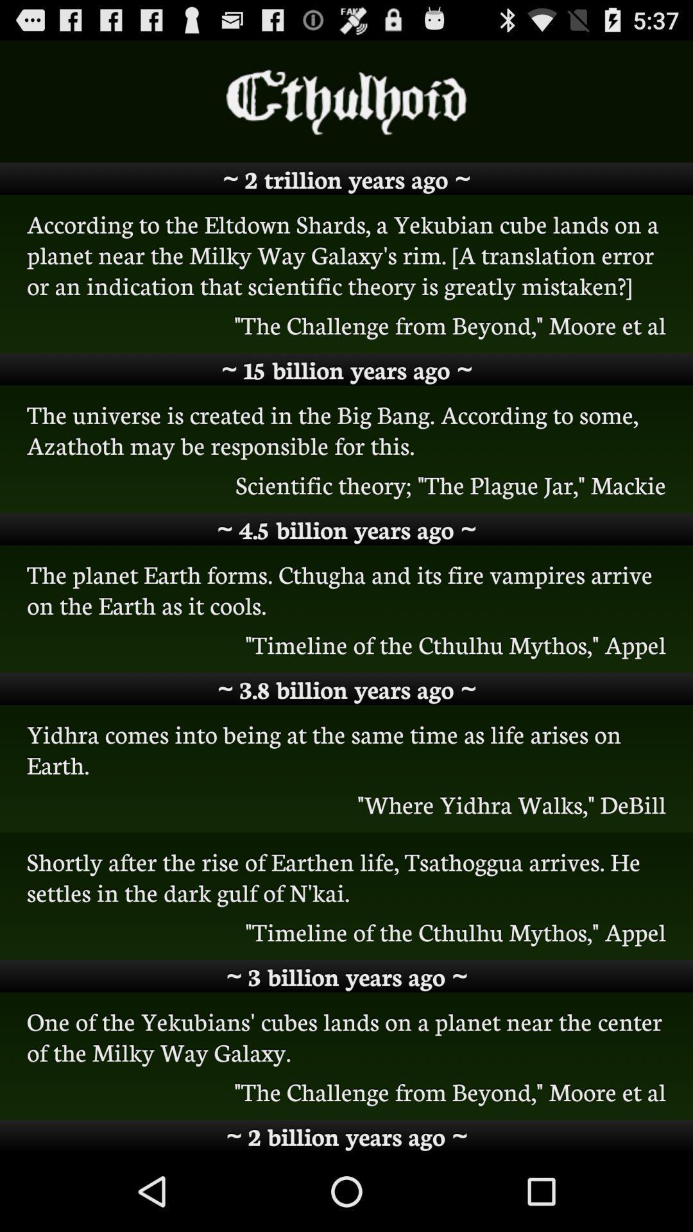  I want to click on the item above the planet earth icon, so click(346, 529).